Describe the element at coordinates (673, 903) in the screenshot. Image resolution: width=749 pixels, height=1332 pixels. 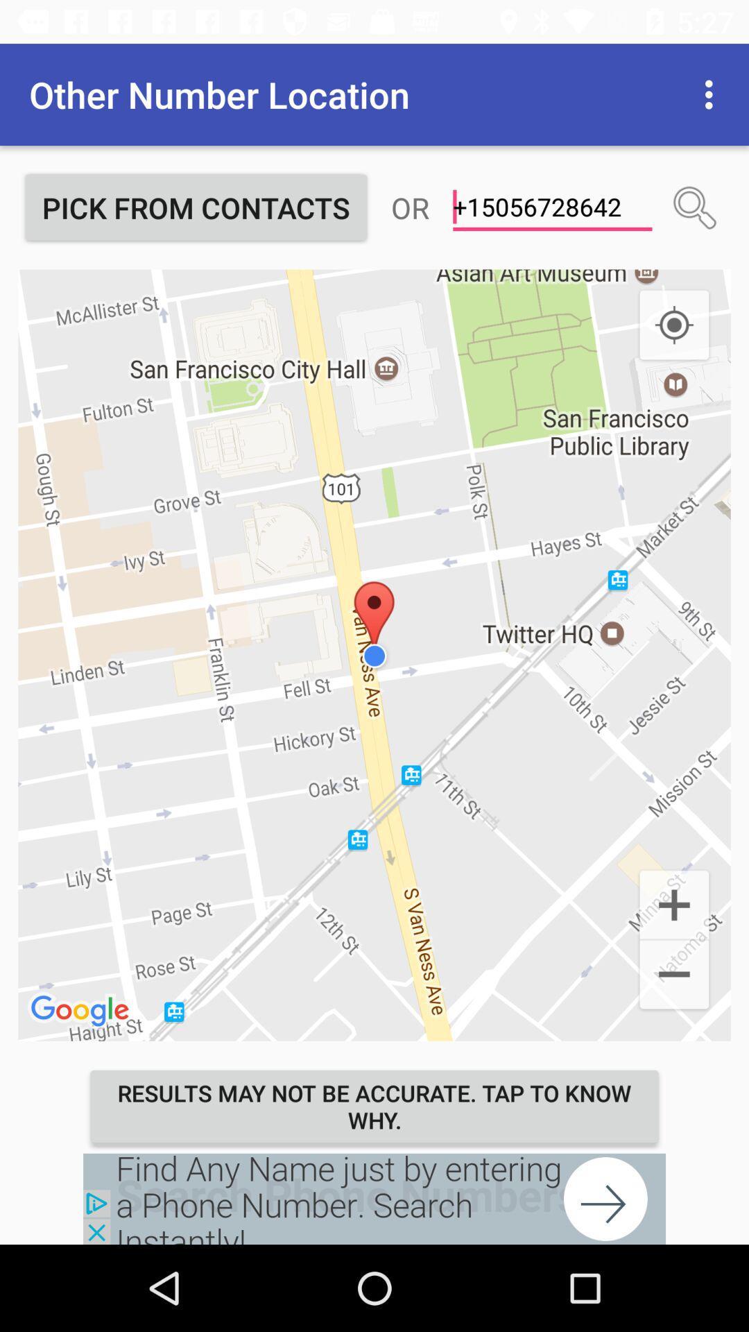
I see `the add icon` at that location.